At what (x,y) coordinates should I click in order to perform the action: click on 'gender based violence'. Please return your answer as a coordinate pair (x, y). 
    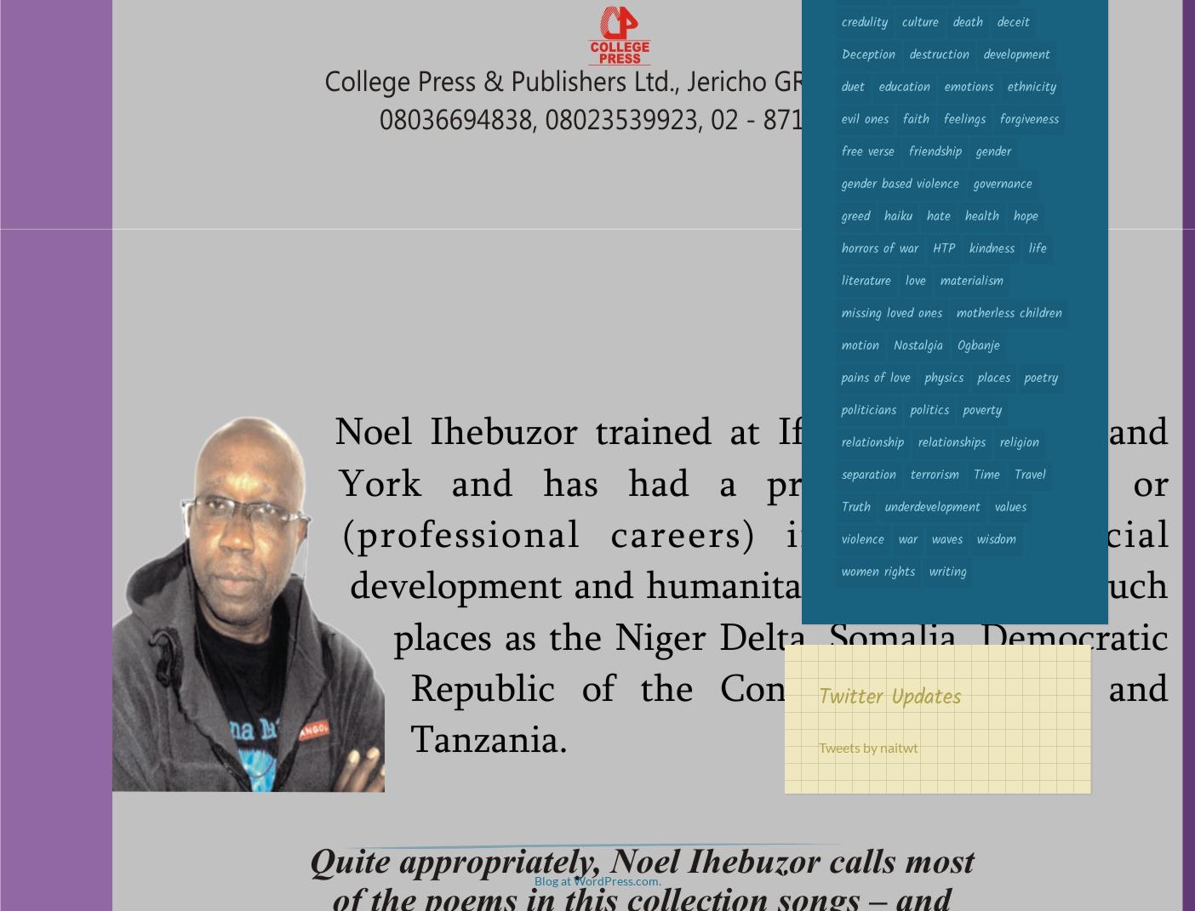
    Looking at the image, I should click on (841, 183).